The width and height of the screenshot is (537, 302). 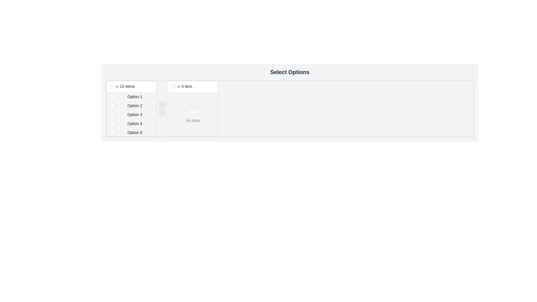 I want to click on the label 'Option 2' which is the second item in the left column of the 'Select Options' dual-list interface, positioned directly beneath 'Option 1', so click(x=135, y=106).